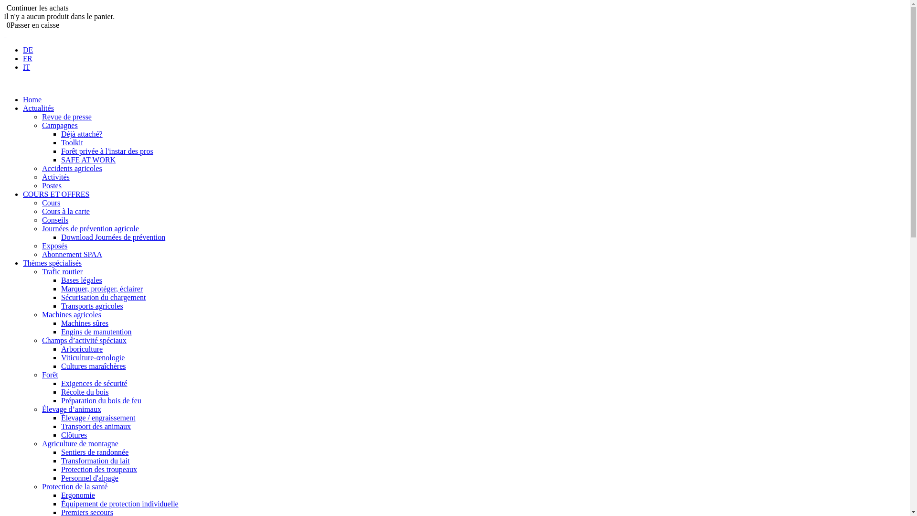  Describe the element at coordinates (95, 460) in the screenshot. I see `'Transformation du lait'` at that location.